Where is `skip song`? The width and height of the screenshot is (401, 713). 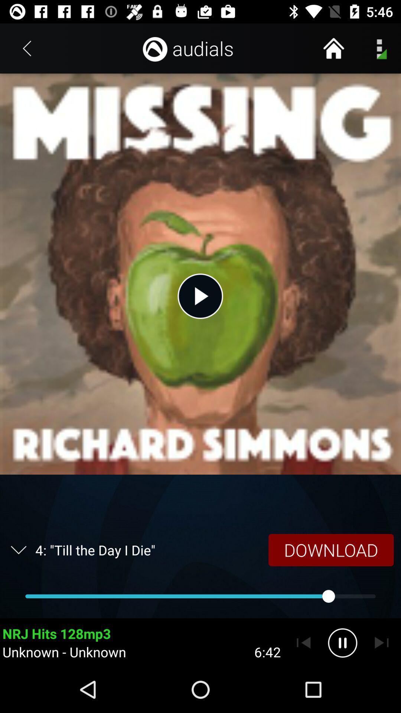 skip song is located at coordinates (381, 642).